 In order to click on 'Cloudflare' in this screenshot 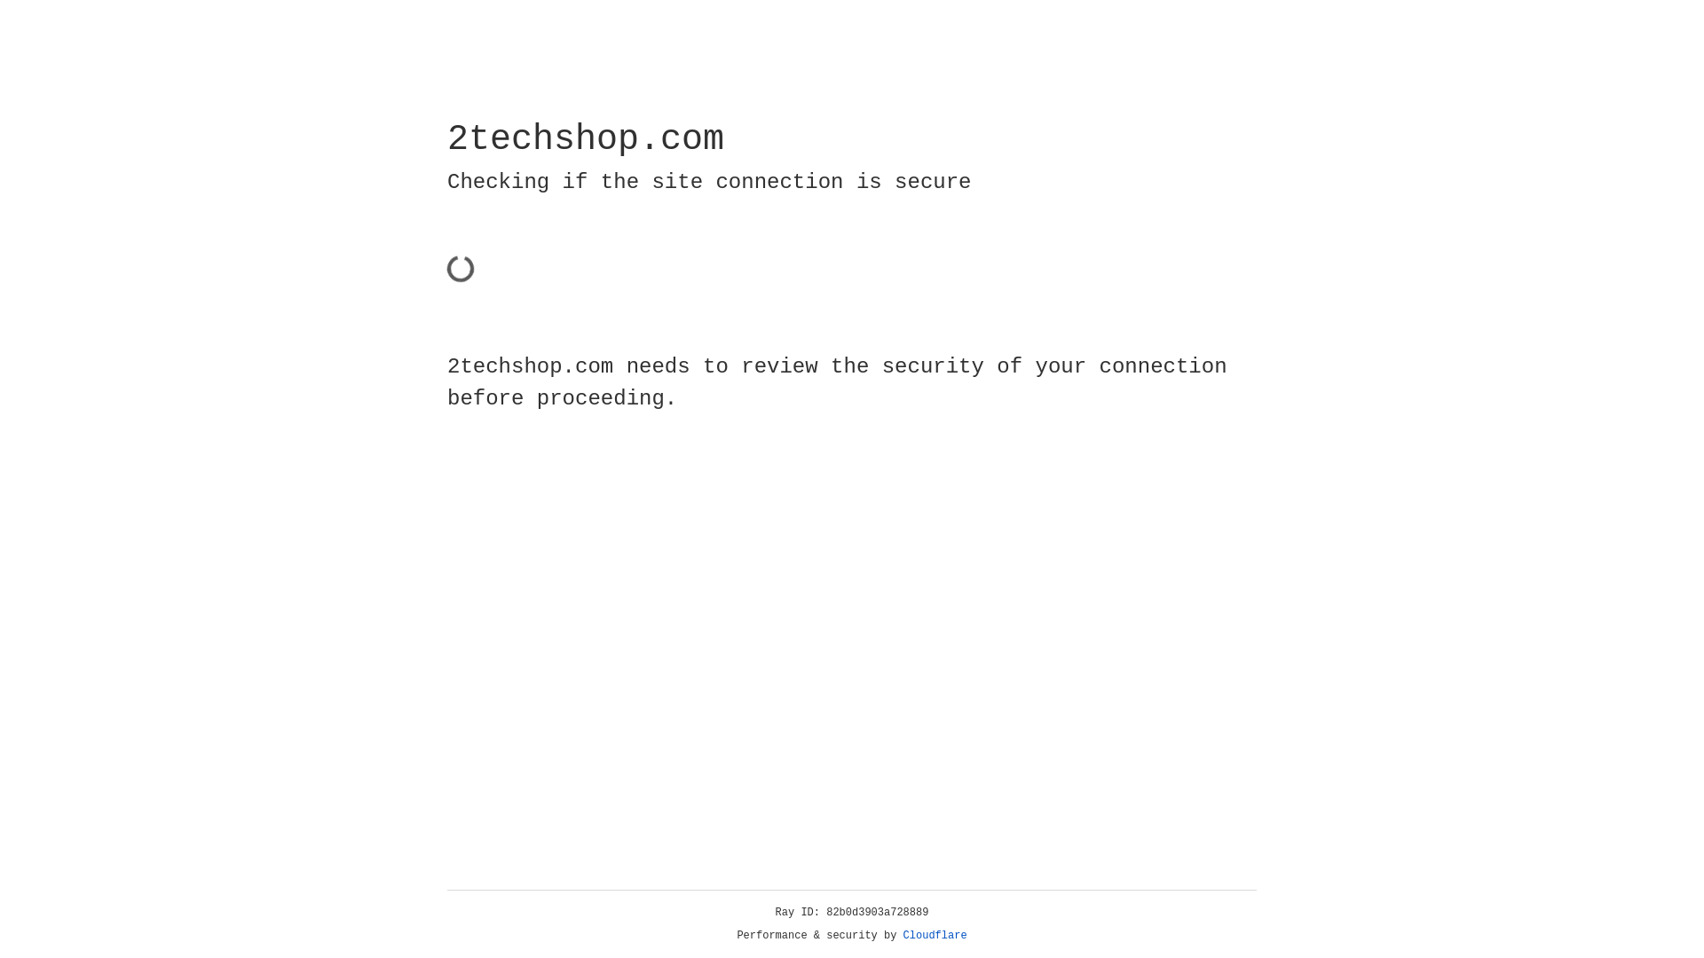, I will do `click(935, 935)`.